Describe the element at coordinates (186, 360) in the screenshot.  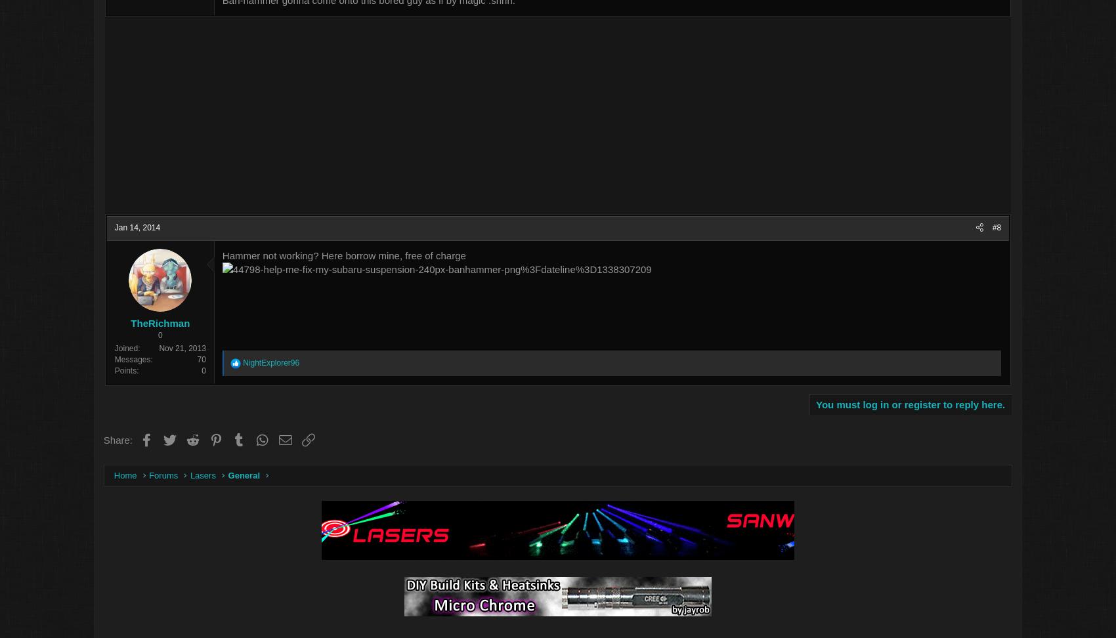
I see `'Messages'` at that location.